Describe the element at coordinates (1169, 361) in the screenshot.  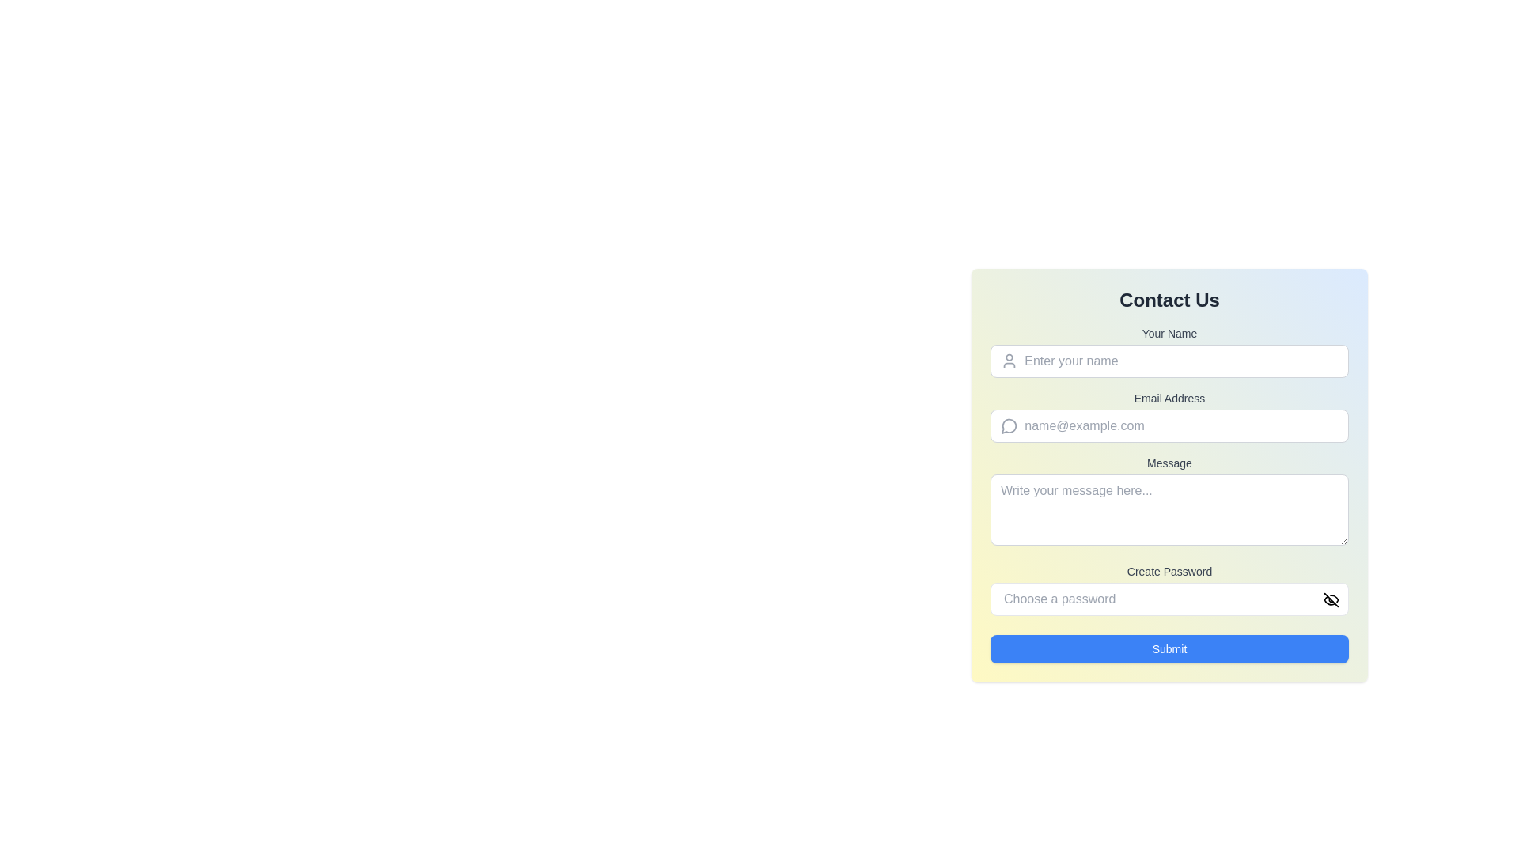
I see `the Text input field for entering the name, which is positioned under the 'Your Name' label in the 'Contact Us' form, and is the first input field in the form` at that location.